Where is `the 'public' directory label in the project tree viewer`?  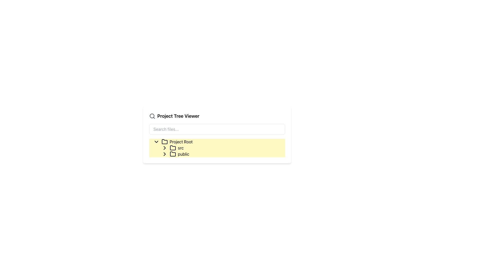 the 'public' directory label in the project tree viewer is located at coordinates (179, 154).